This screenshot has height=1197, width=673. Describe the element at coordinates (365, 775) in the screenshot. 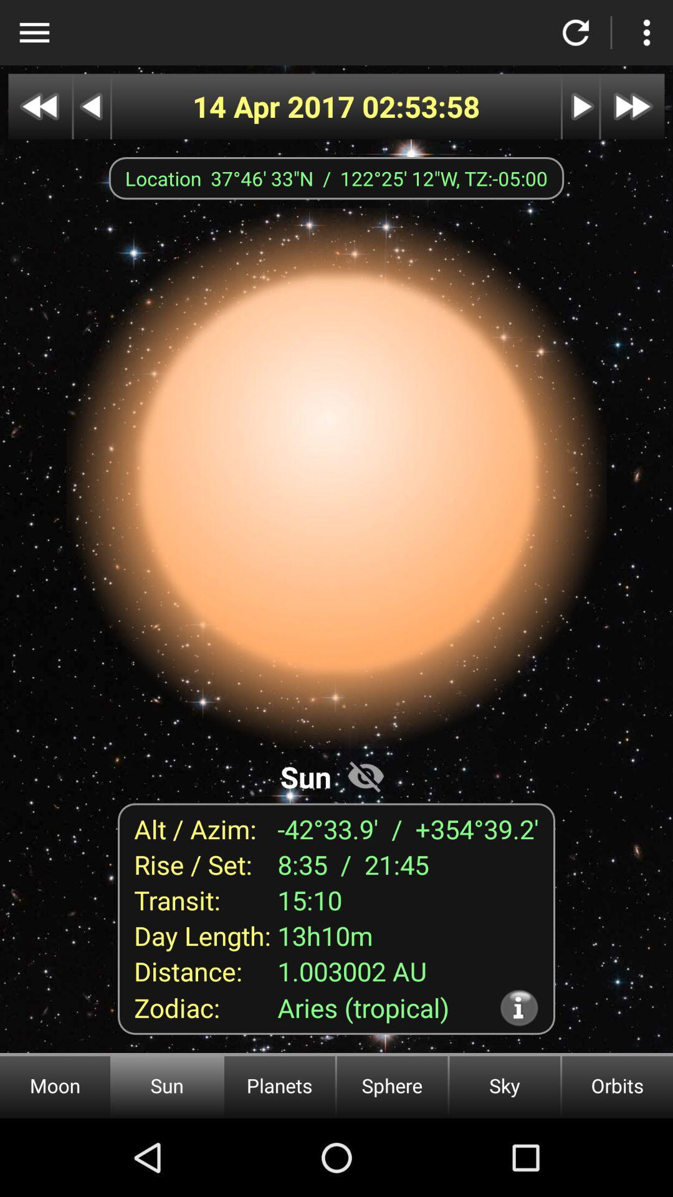

I see `visibility` at that location.